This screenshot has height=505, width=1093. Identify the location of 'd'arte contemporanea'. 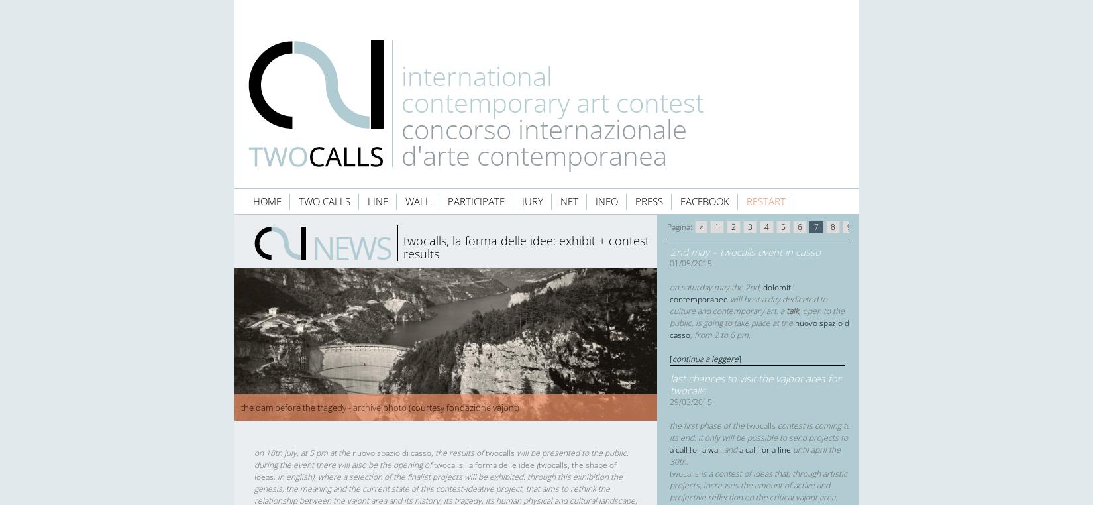
(401, 155).